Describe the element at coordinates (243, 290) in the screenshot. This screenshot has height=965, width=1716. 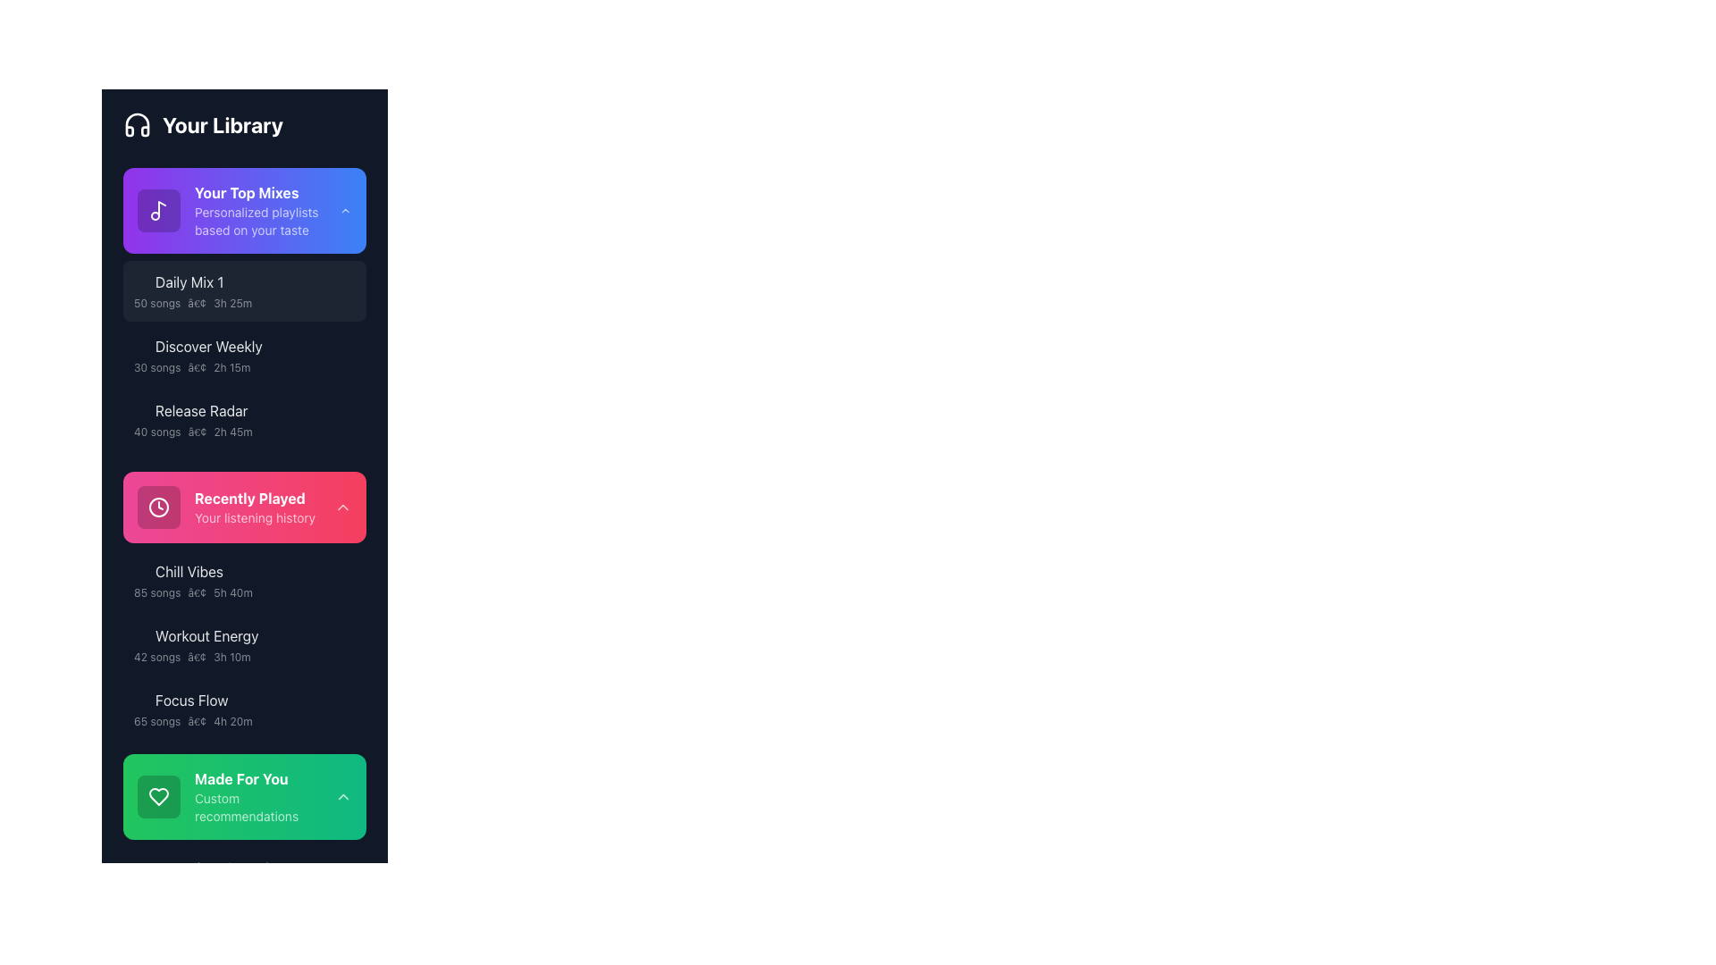
I see `the 'Daily Mix 1' playlist card located in the 'Your Library' section, which is the second item in the vertical list arrangement` at that location.